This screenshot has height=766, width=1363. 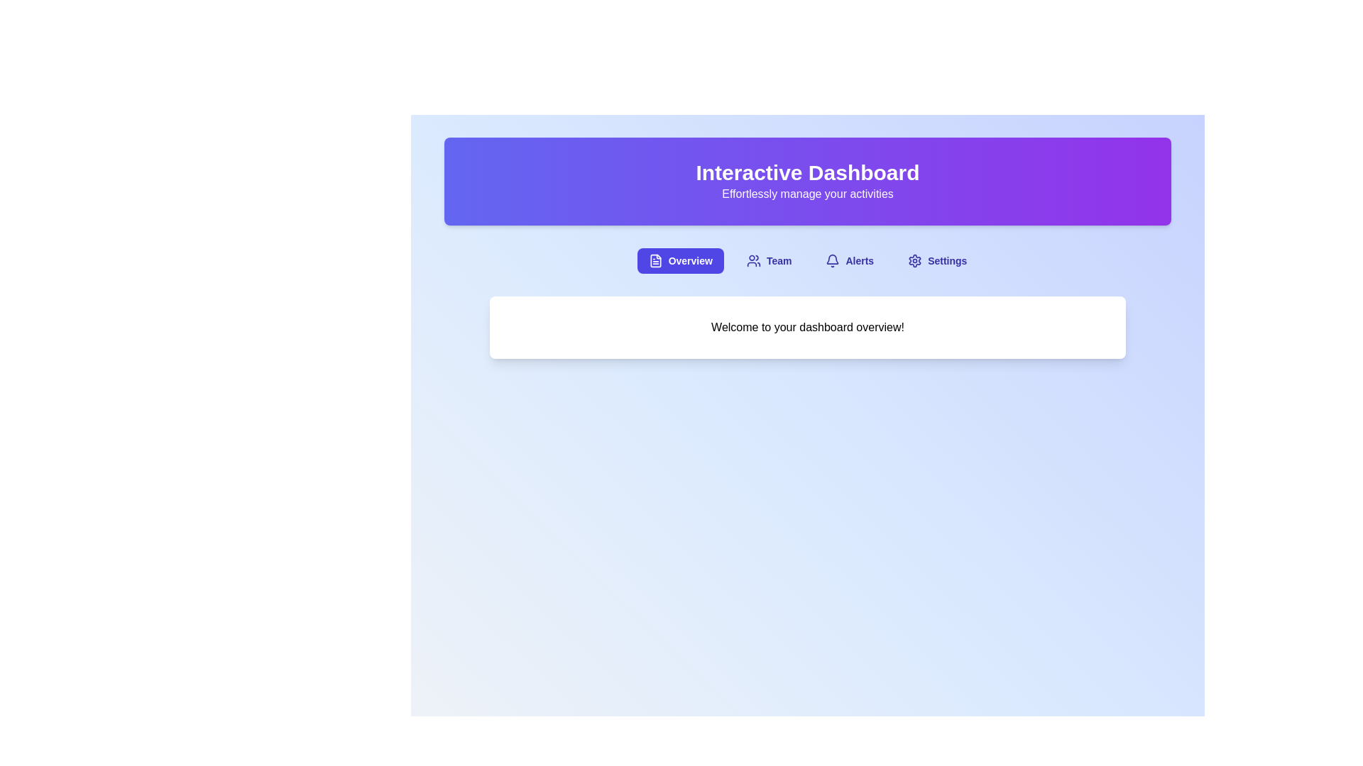 What do you see at coordinates (807, 172) in the screenshot?
I see `the Heading text that serves as a header for the interface section, located above the text 'Effortlessly manage your activities'` at bounding box center [807, 172].